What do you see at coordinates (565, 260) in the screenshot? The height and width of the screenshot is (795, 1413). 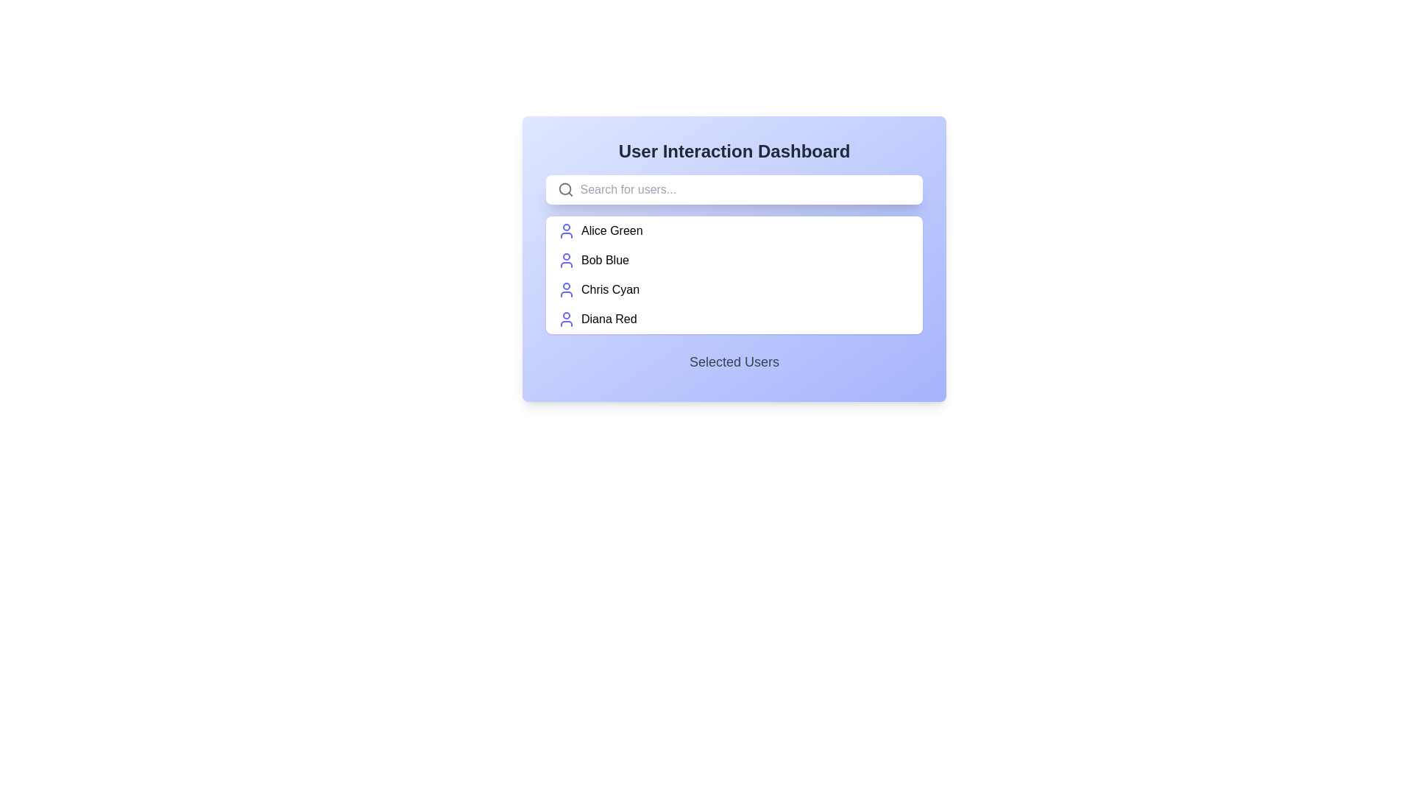 I see `the user icon represented by a circular head and semi-circular body, styled in bold indigo color, located to the left of the text 'Bob Blue' in the second user entry below the search bar` at bounding box center [565, 260].